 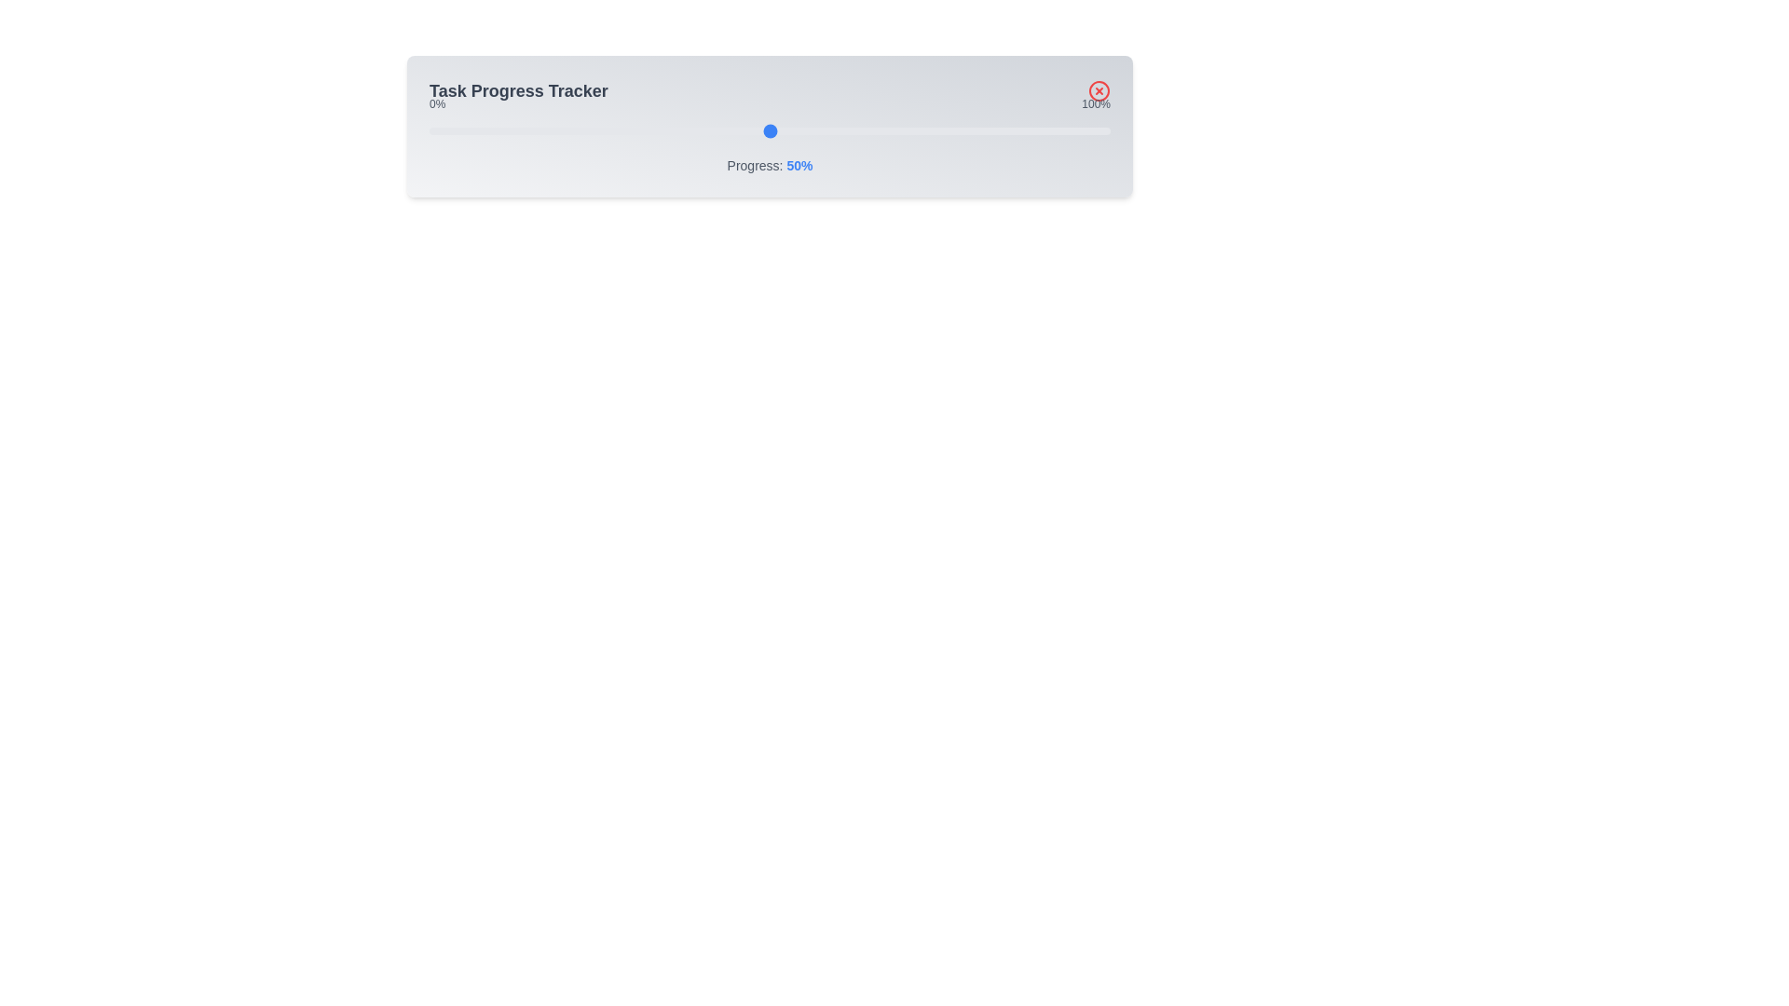 What do you see at coordinates (557, 130) in the screenshot?
I see `task progress` at bounding box center [557, 130].